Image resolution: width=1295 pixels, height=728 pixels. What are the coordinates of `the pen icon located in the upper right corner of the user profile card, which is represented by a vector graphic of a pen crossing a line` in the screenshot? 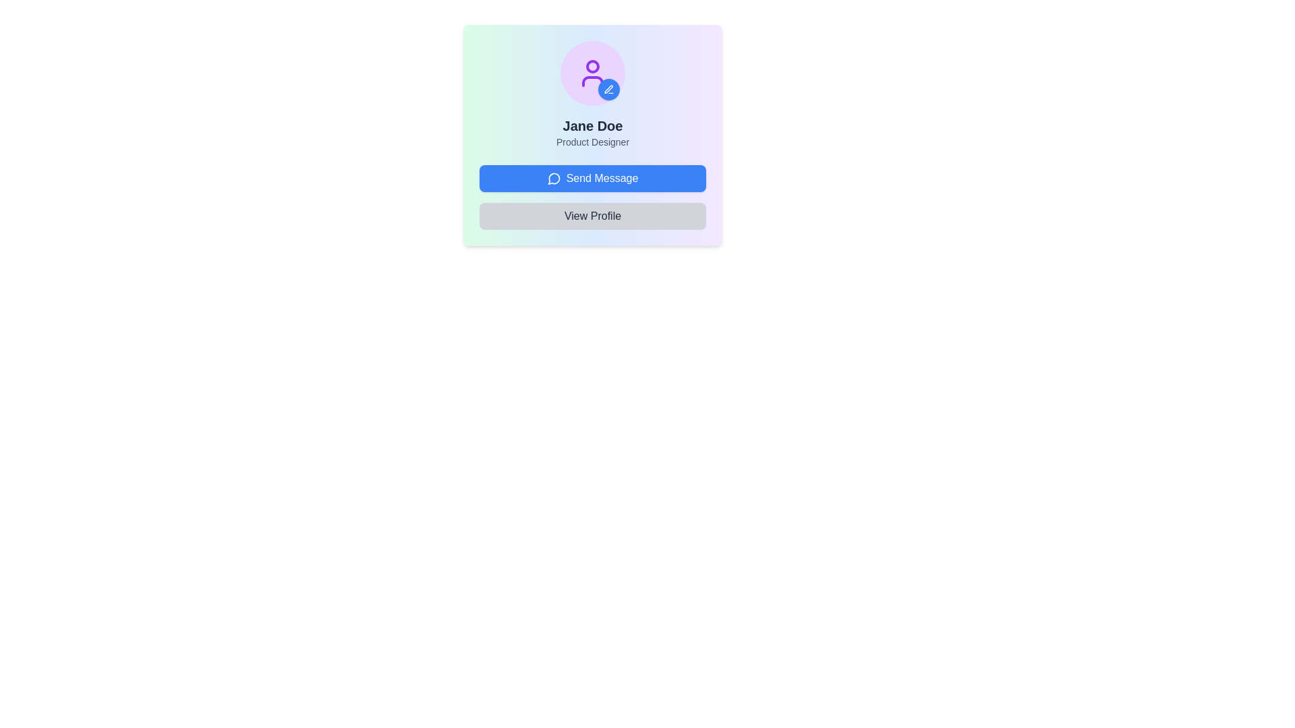 It's located at (608, 89).